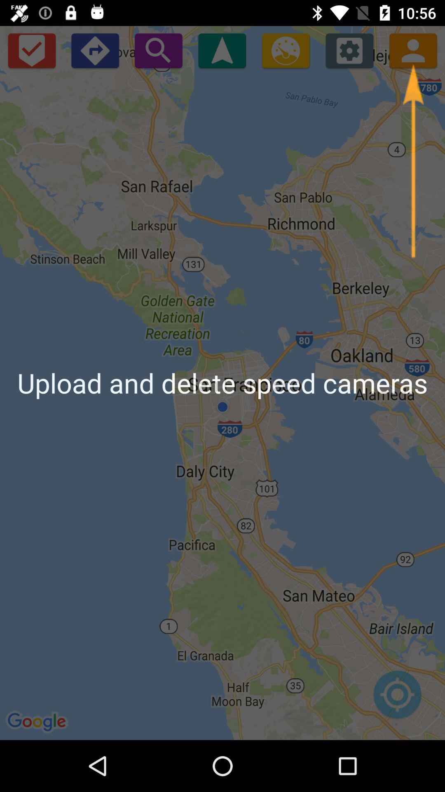 The width and height of the screenshot is (445, 792). What do you see at coordinates (31, 50) in the screenshot?
I see `the check icon` at bounding box center [31, 50].